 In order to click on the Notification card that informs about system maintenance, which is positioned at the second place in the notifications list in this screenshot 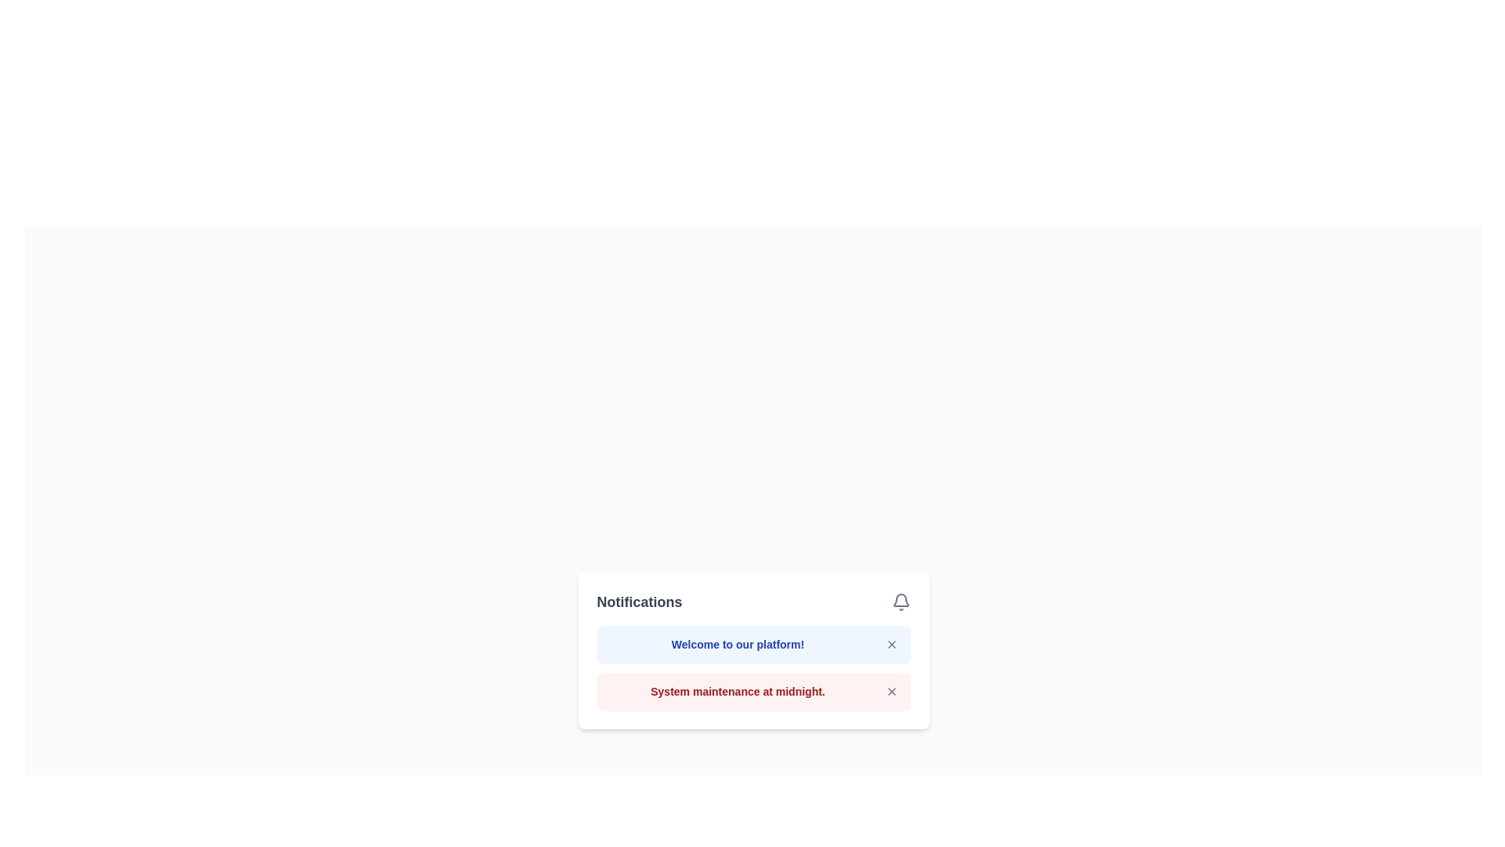, I will do `click(753, 691)`.